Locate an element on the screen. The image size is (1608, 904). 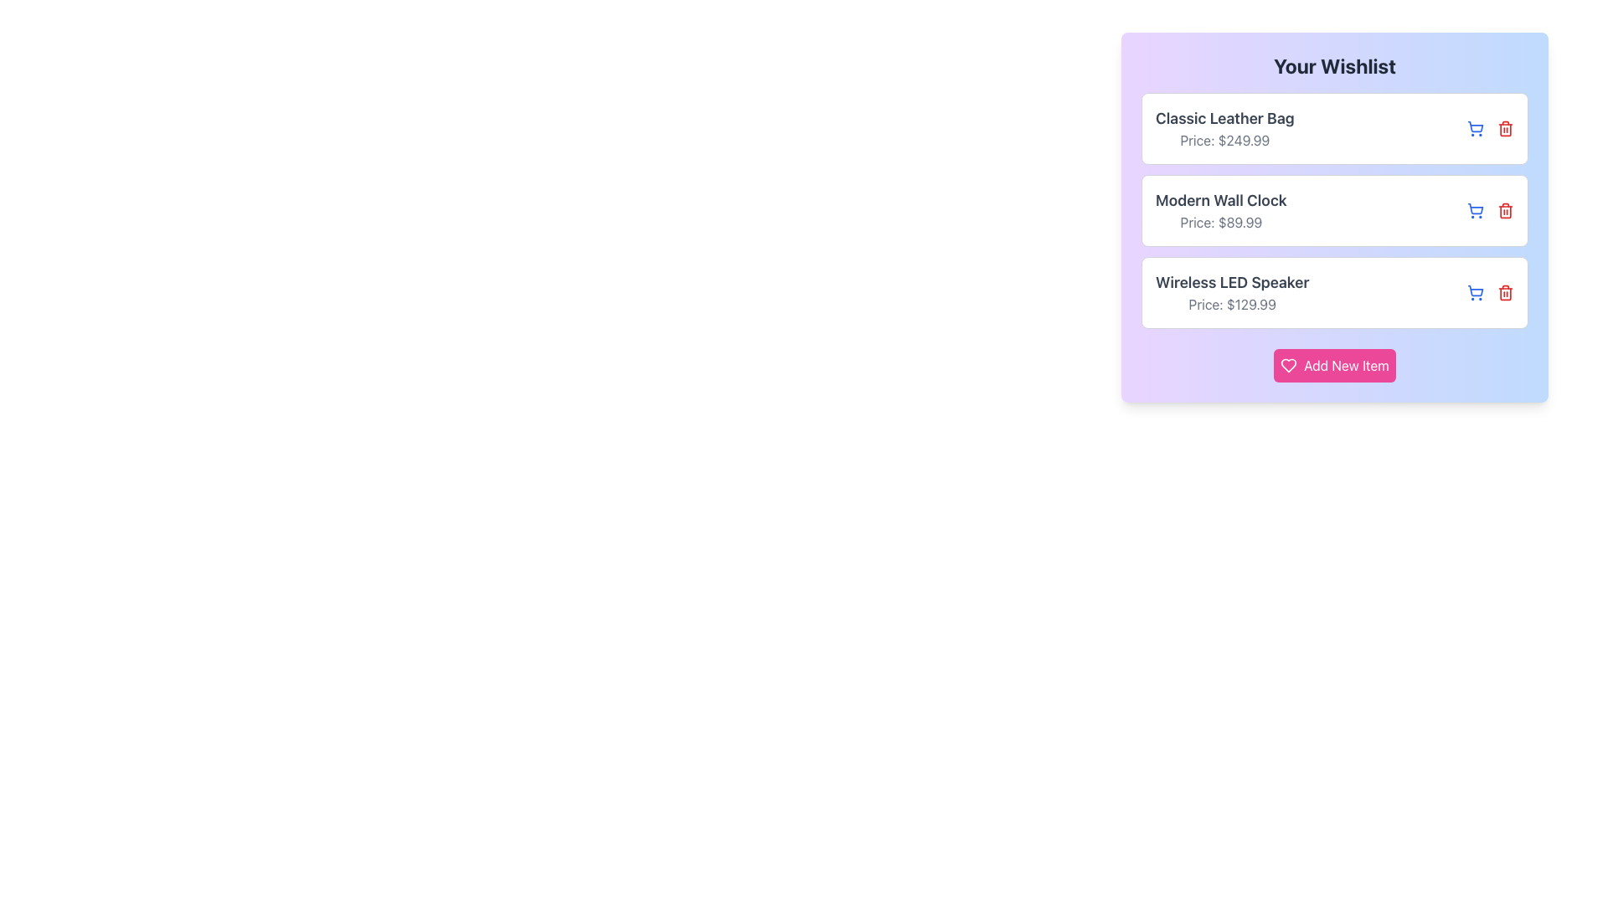
the 'Add to Cart' button located at the top-right corner of the wishlist item entry is located at coordinates (1475, 209).